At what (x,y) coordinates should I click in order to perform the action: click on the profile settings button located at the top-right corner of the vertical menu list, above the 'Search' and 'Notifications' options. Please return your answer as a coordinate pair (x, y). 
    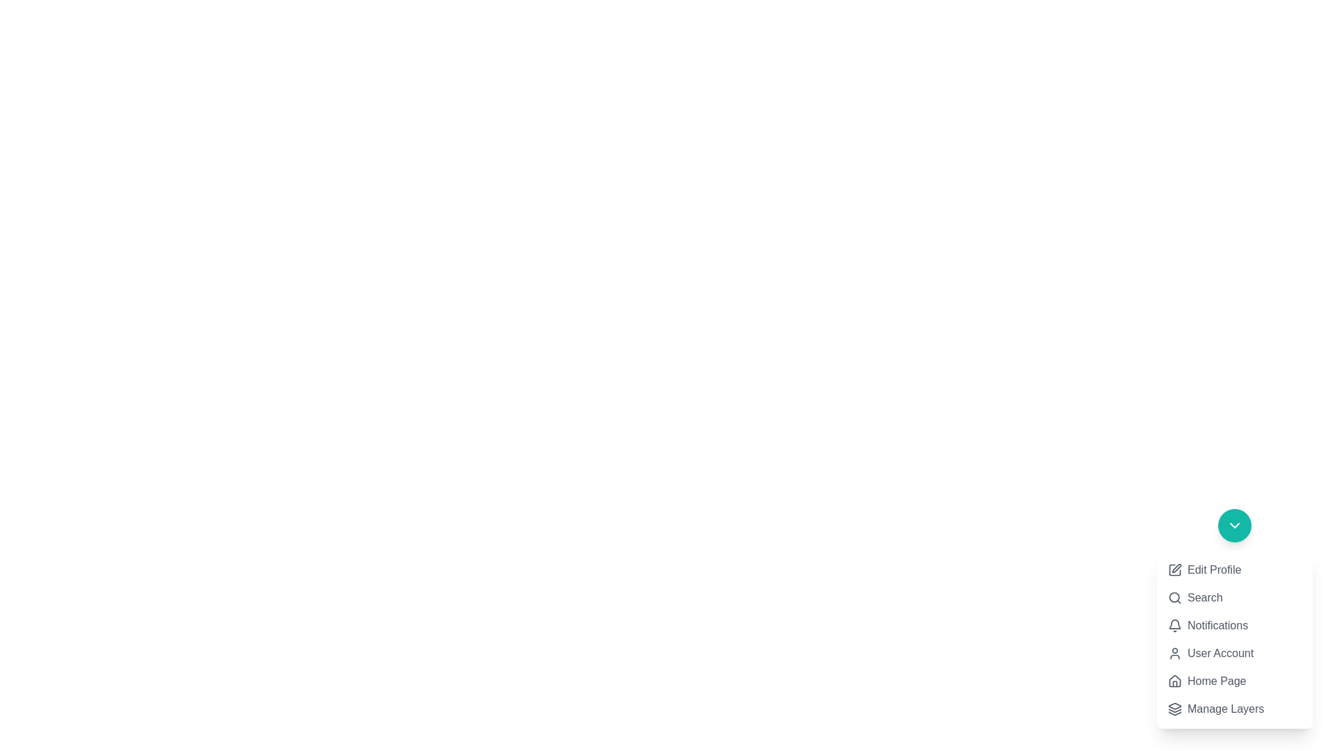
    Looking at the image, I should click on (1204, 570).